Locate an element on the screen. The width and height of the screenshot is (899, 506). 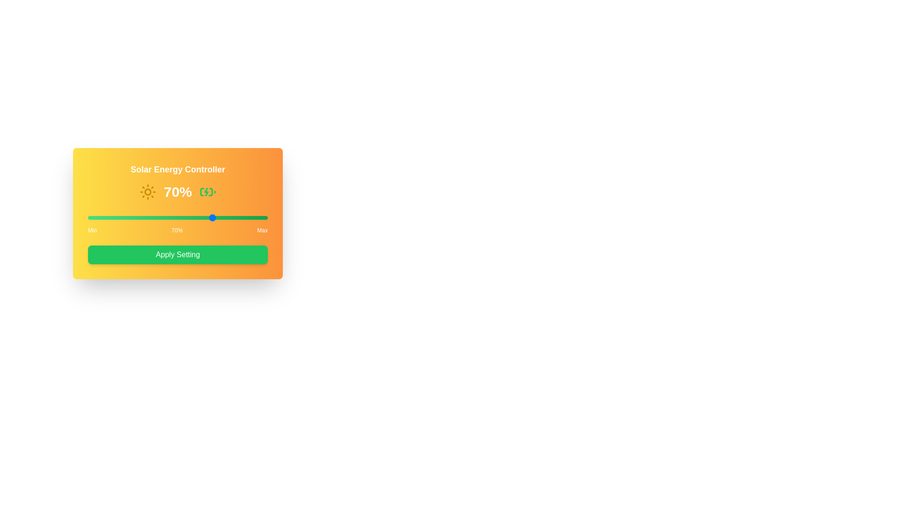
the solar input slider to 1% is located at coordinates (89, 218).